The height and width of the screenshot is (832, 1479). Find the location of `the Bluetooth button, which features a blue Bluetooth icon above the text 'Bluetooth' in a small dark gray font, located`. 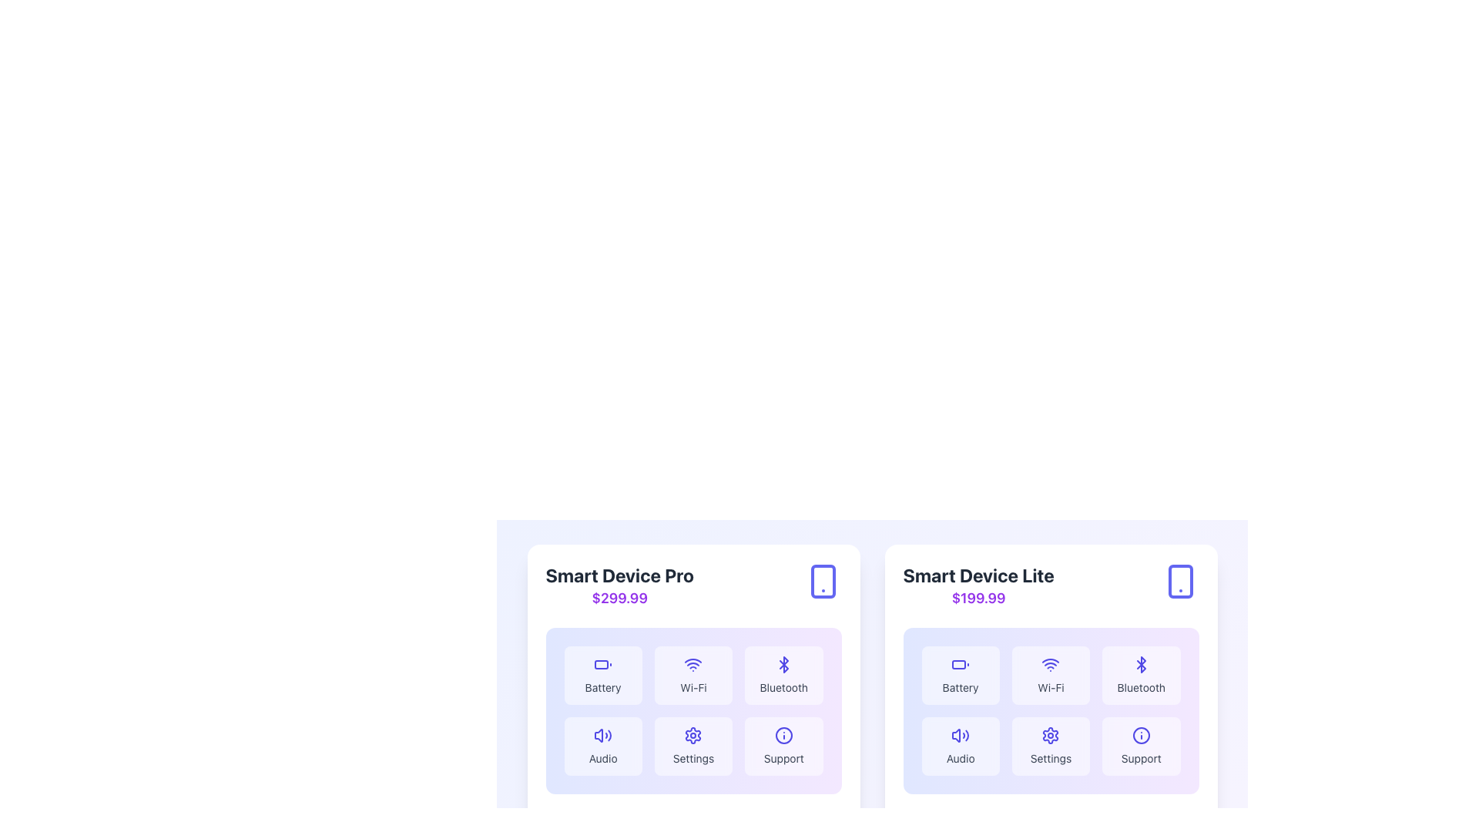

the Bluetooth button, which features a blue Bluetooth icon above the text 'Bluetooth' in a small dark gray font, located is located at coordinates (783, 674).